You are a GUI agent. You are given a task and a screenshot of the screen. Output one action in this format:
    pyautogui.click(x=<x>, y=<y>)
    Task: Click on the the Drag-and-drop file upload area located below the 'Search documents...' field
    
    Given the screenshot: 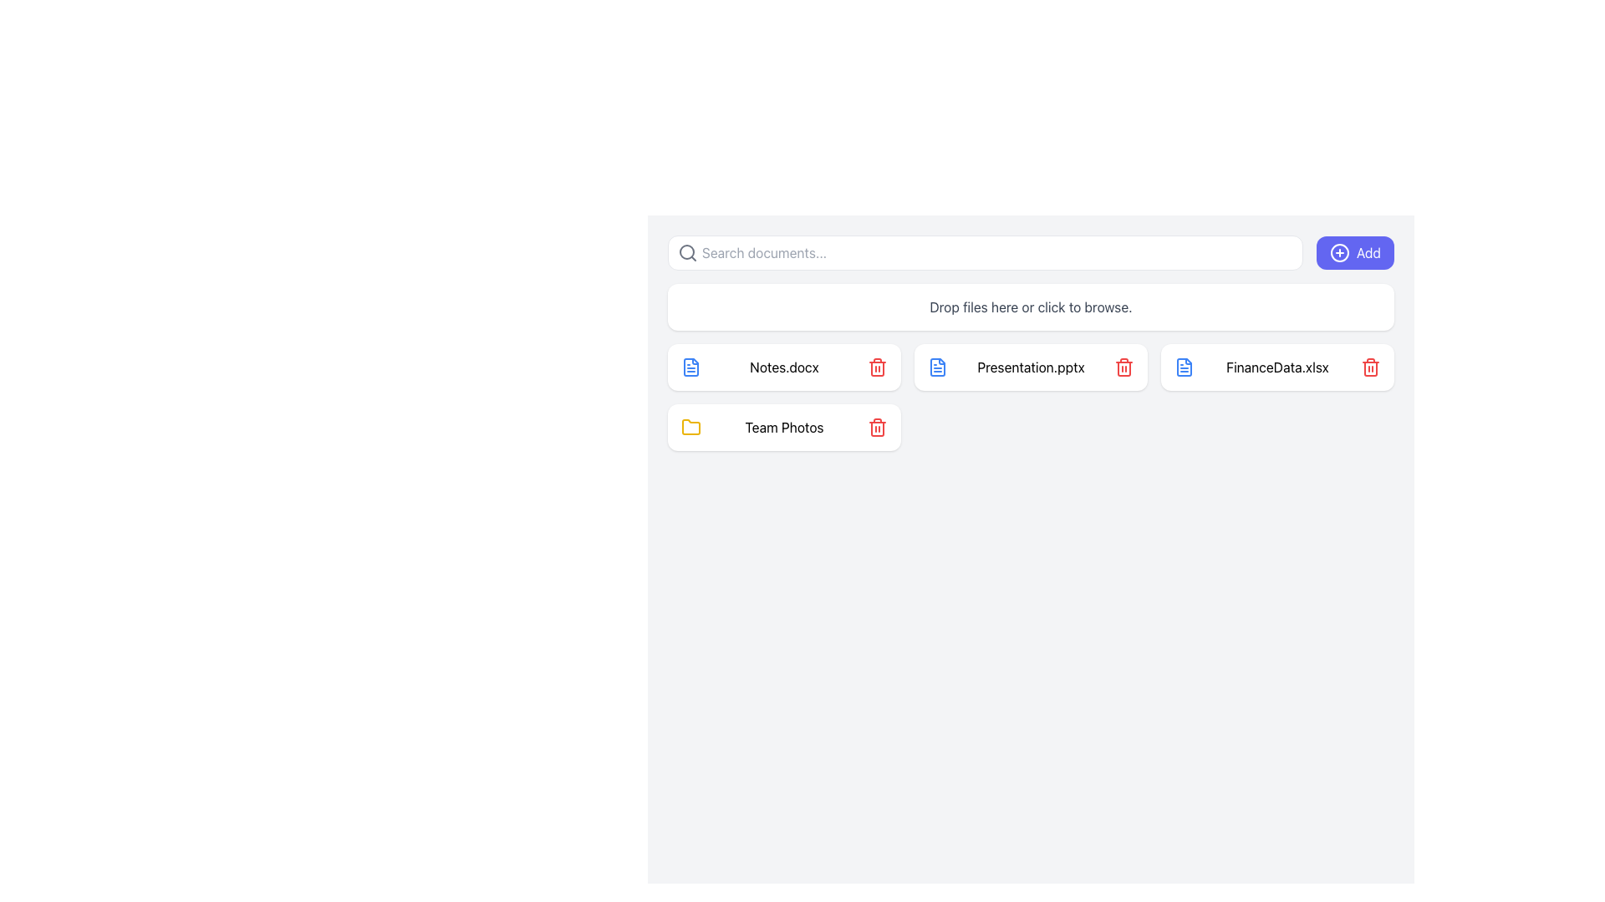 What is the action you would take?
    pyautogui.click(x=1030, y=307)
    